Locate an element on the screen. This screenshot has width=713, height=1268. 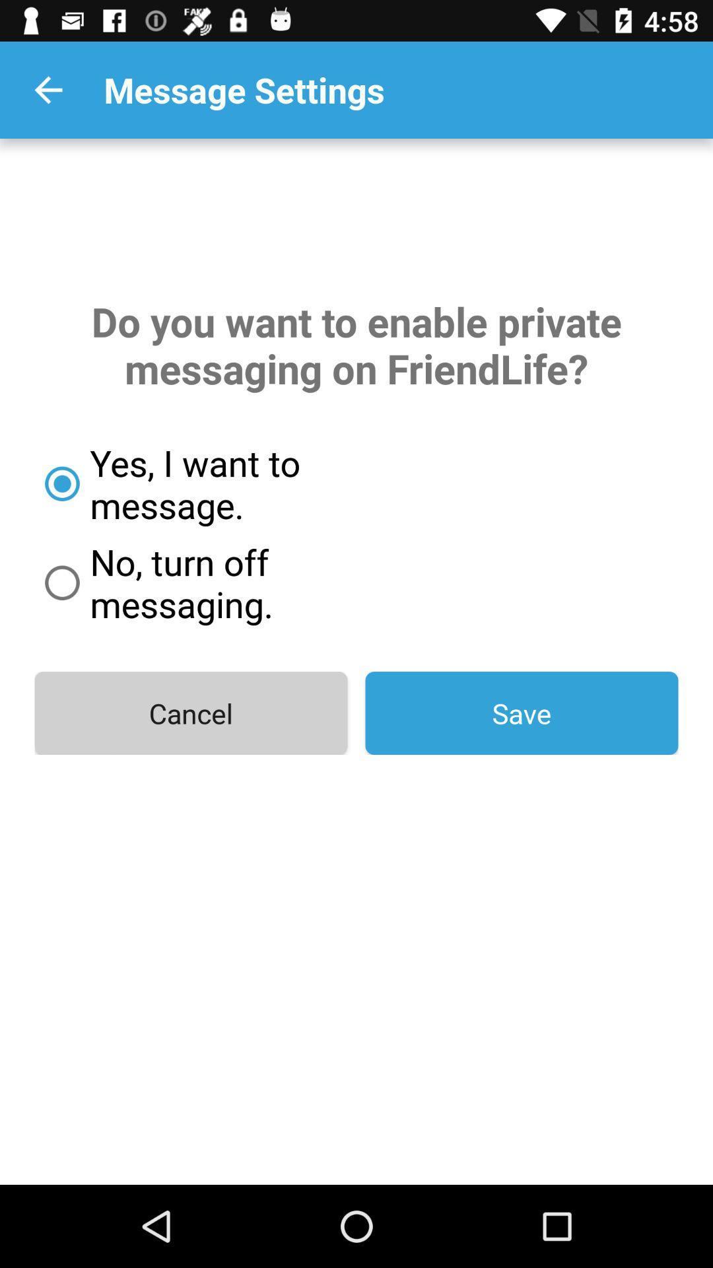
the item next to cancel icon is located at coordinates (521, 713).